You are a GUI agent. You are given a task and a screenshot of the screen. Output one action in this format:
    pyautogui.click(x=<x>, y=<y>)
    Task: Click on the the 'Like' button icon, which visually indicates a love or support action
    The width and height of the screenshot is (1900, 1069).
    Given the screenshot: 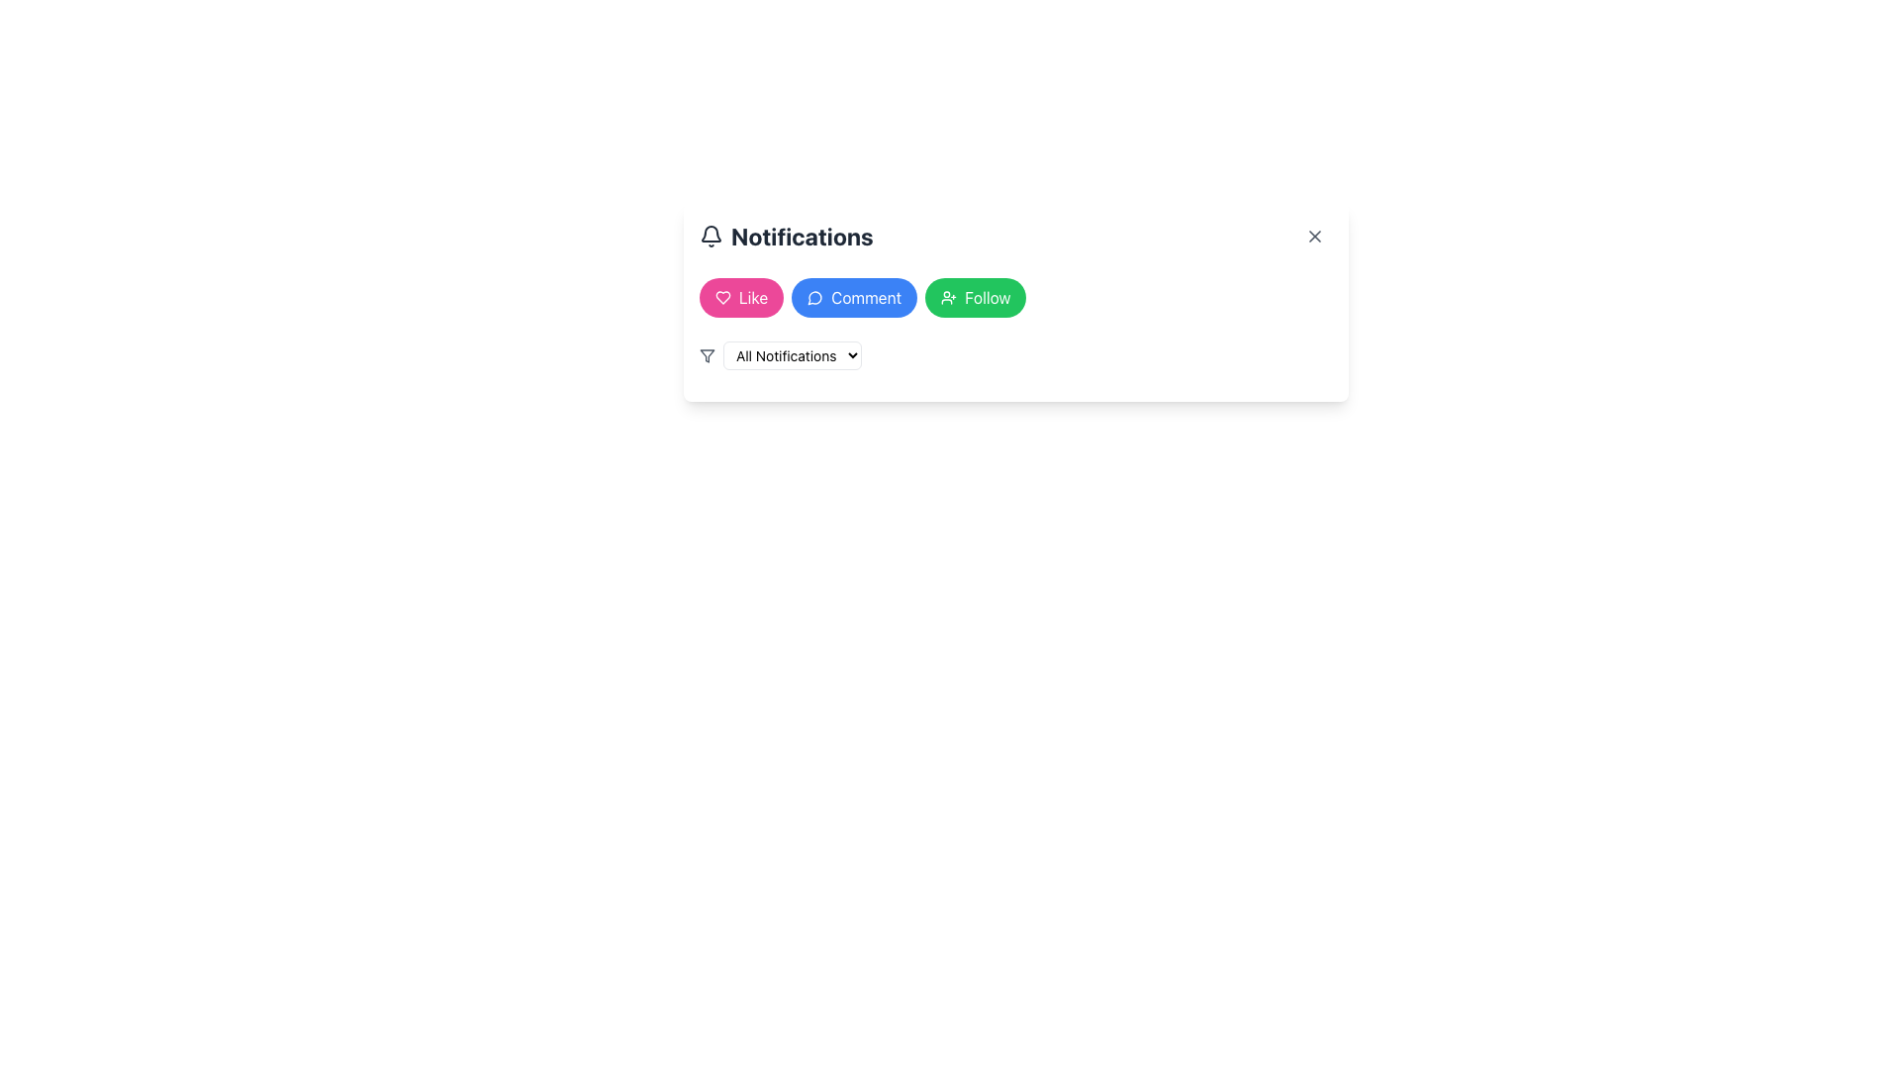 What is the action you would take?
    pyautogui.click(x=721, y=297)
    